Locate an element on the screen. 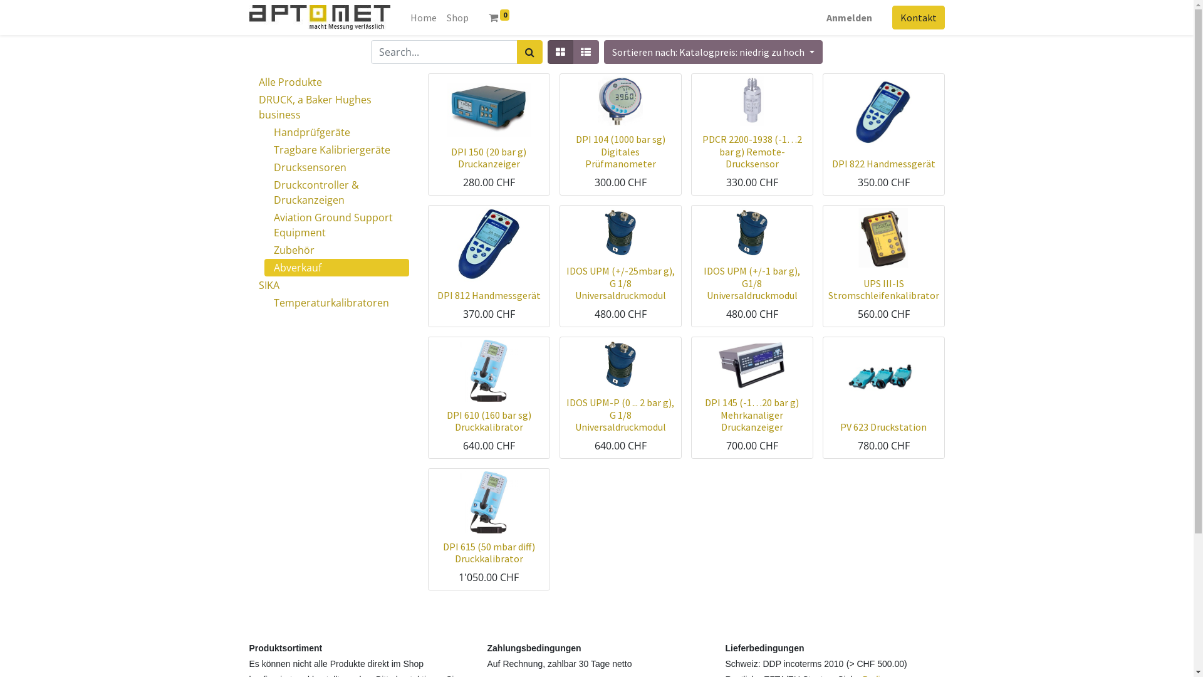  'Home' is located at coordinates (424, 17).